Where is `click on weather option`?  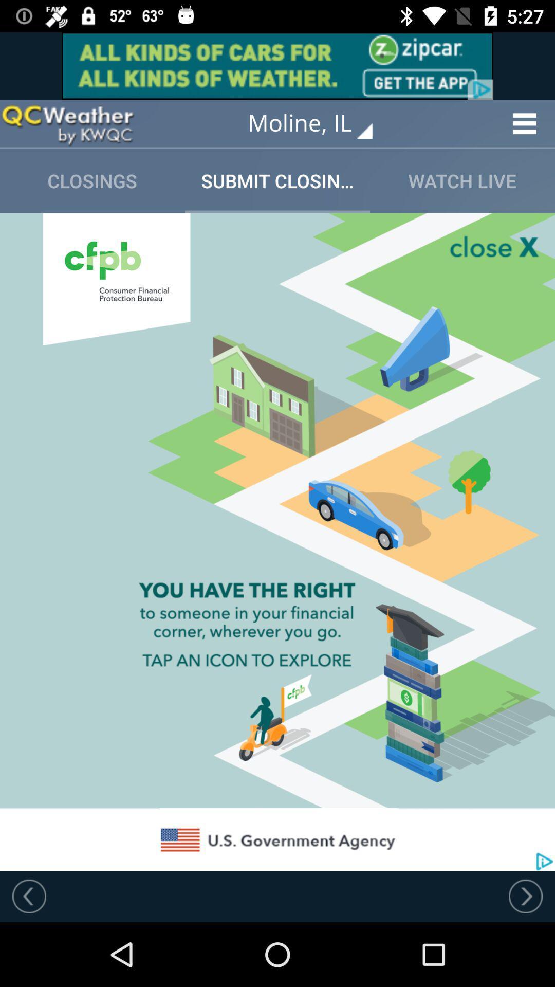 click on weather option is located at coordinates (67, 123).